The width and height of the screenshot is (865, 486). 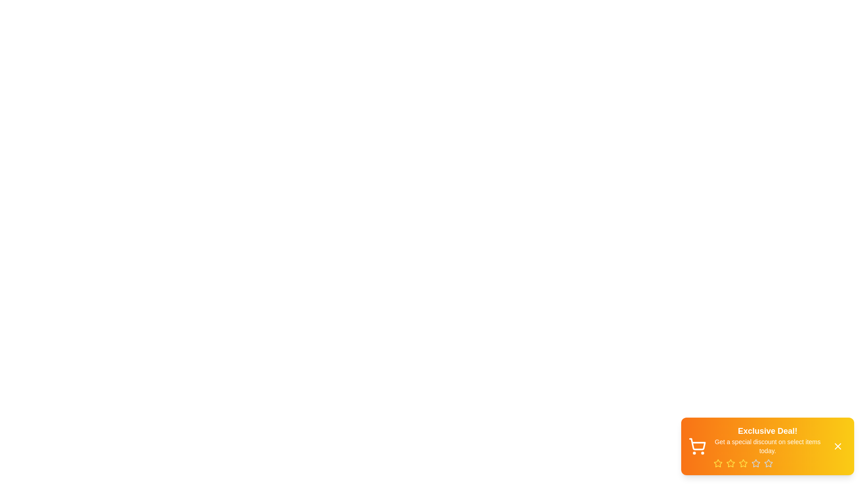 I want to click on the rating by clicking on the star corresponding to the desired rating value (5), so click(x=768, y=463).